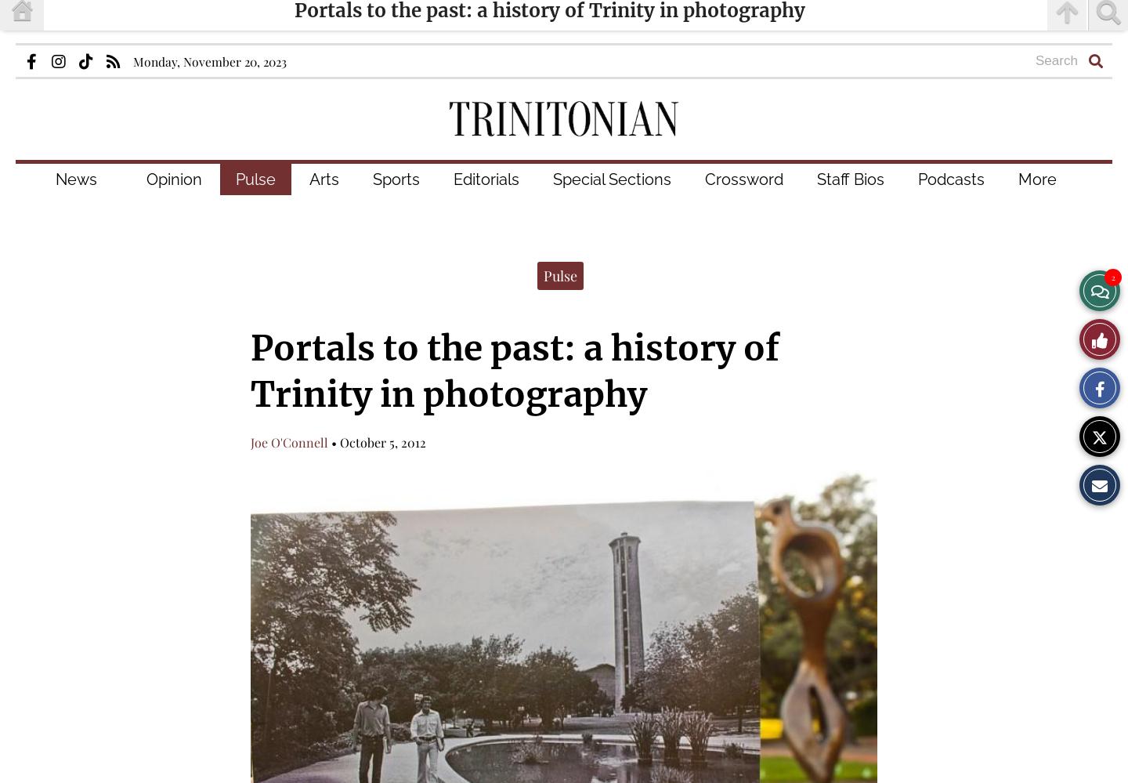  Describe the element at coordinates (308, 179) in the screenshot. I see `'Arts'` at that location.